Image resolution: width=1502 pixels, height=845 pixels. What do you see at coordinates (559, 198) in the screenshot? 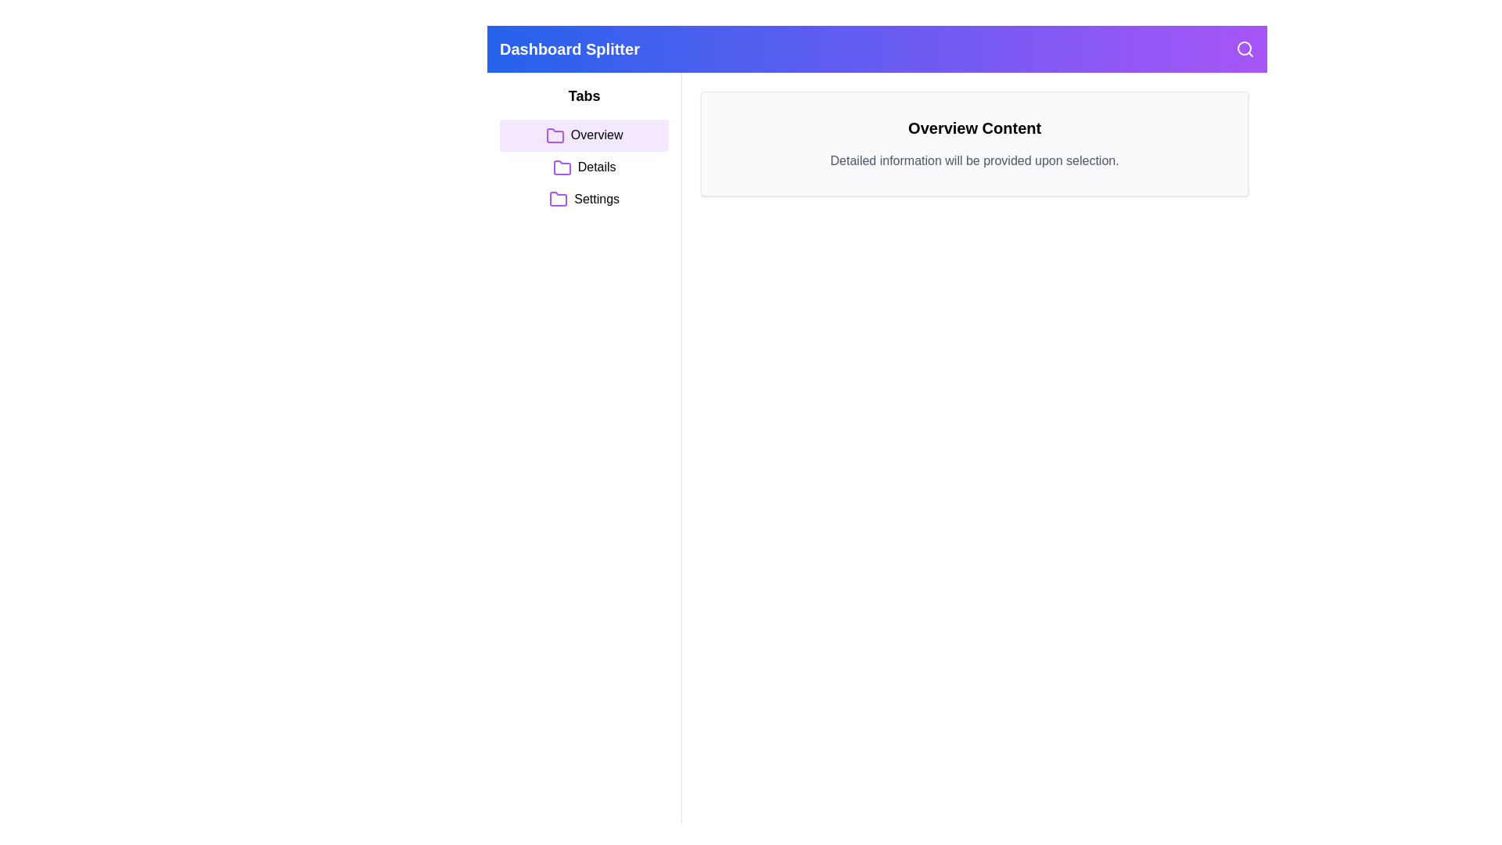
I see `the 'Settings' folder icon in the left sidebar navigation menu, which is the third item below the 'Details' tab, styled with purple and white colors` at bounding box center [559, 198].